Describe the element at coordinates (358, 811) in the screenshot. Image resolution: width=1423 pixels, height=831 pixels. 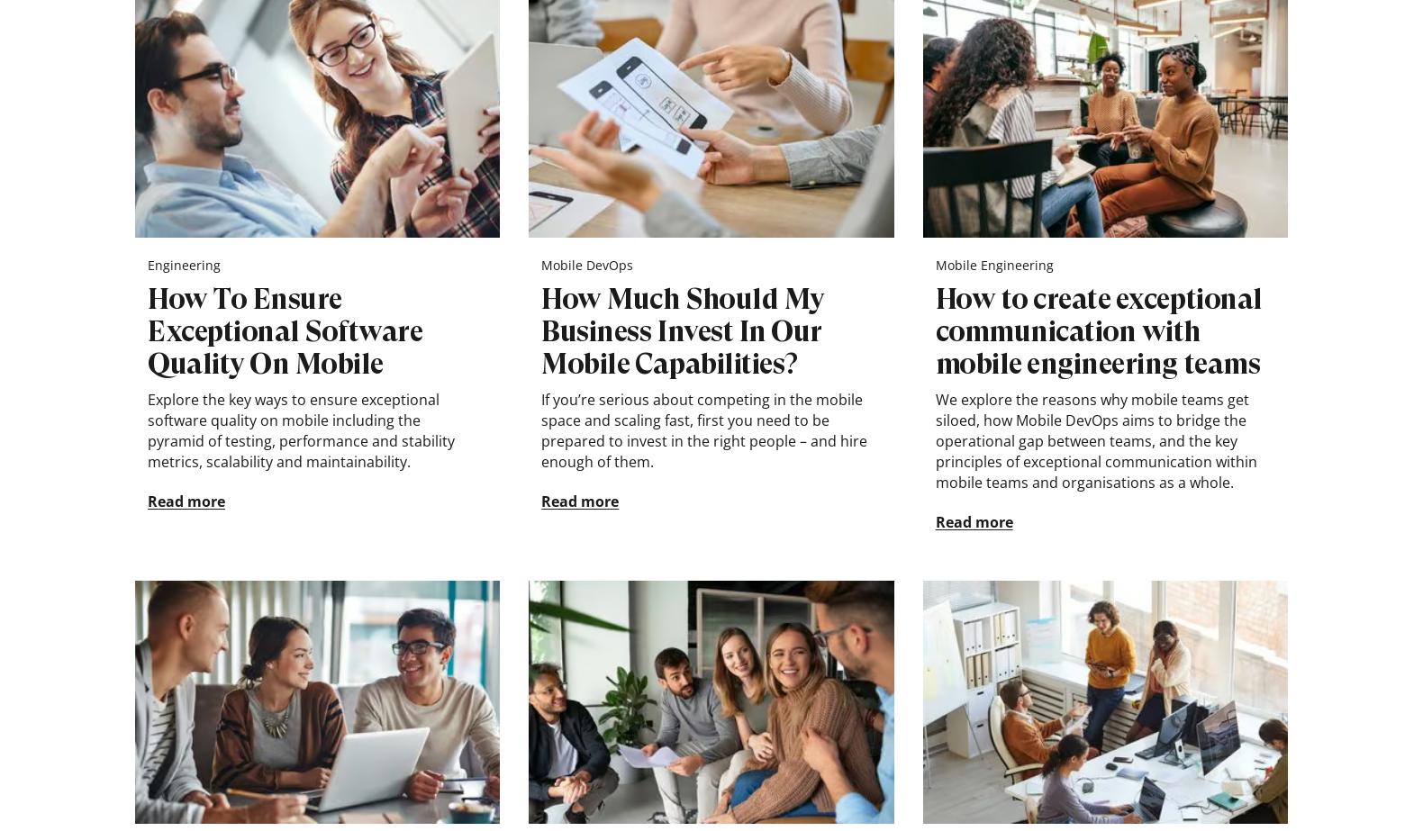
I see `'Reg. B66558586'` at that location.